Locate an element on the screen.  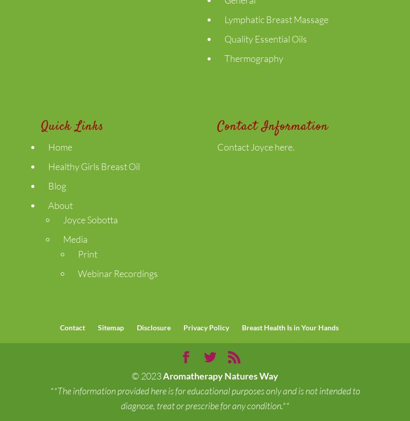
'Home' is located at coordinates (48, 146).